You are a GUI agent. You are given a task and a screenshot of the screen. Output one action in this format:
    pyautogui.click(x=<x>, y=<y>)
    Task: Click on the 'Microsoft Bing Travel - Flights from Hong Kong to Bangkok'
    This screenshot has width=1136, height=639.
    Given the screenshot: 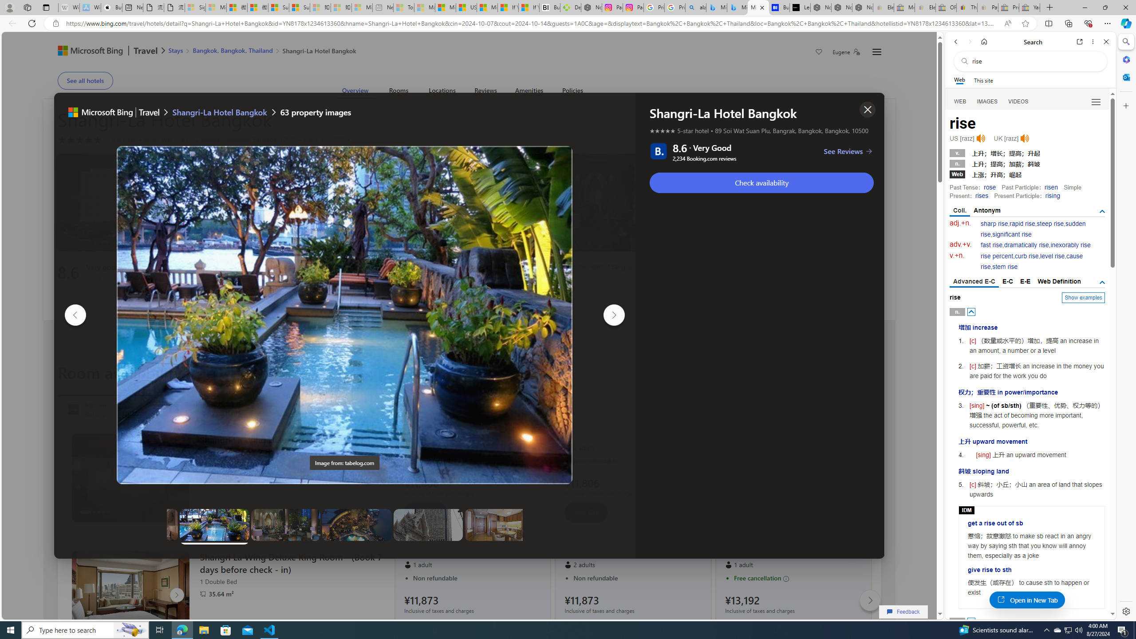 What is the action you would take?
    pyautogui.click(x=716, y=7)
    